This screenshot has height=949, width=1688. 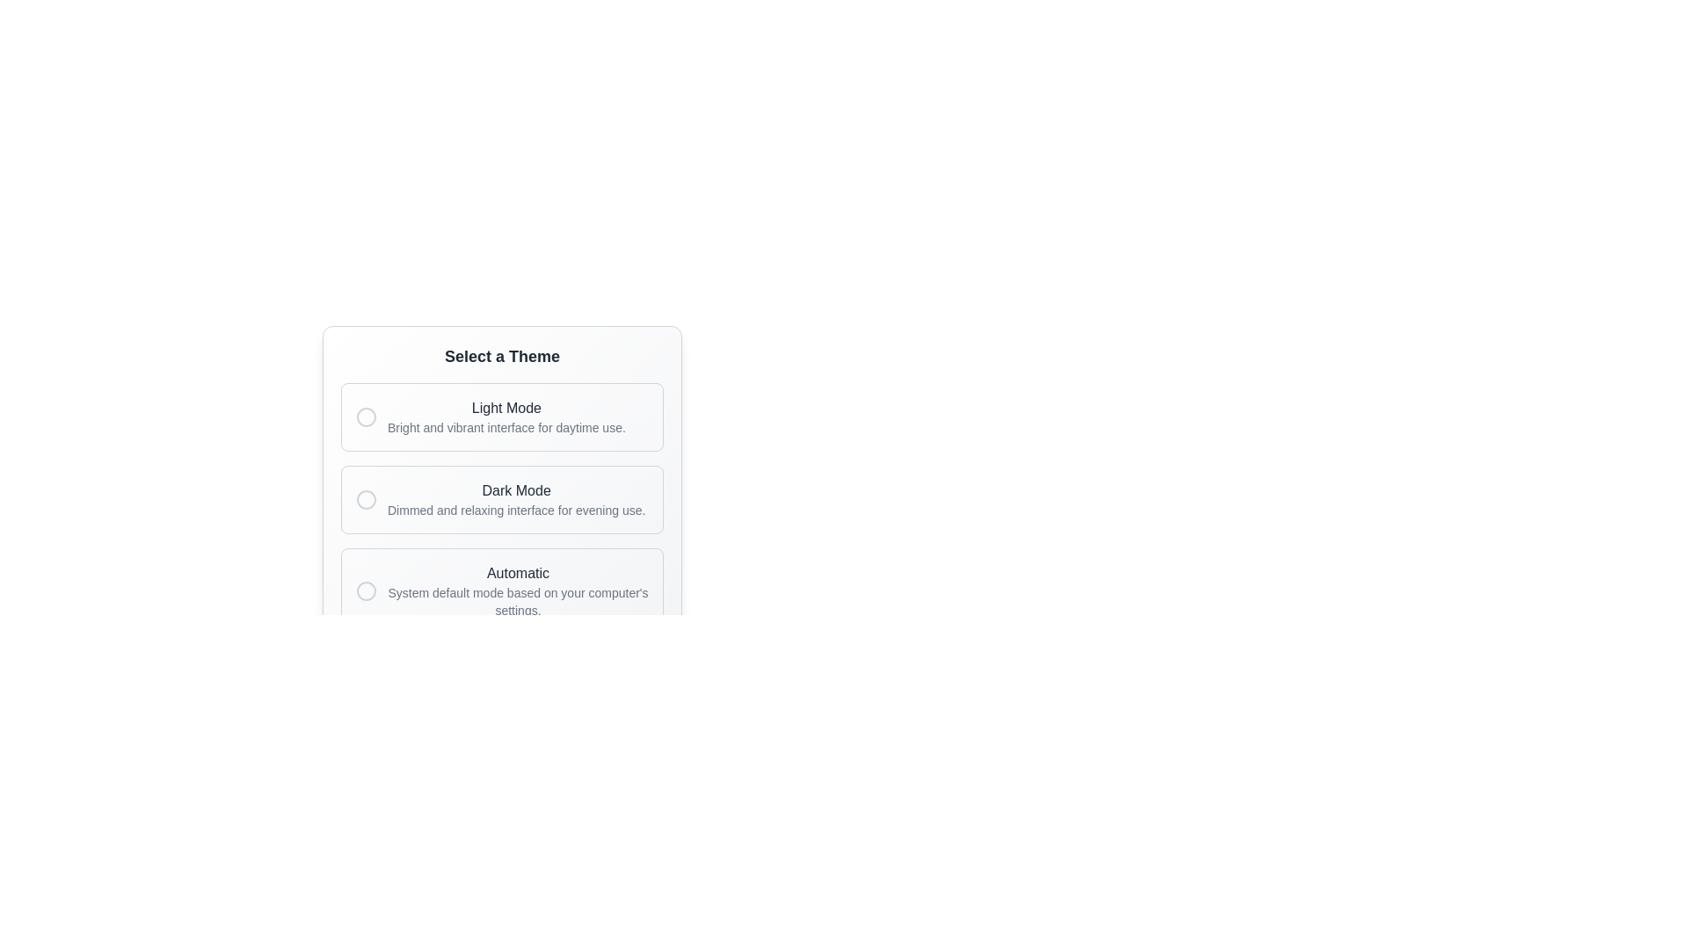 What do you see at coordinates (515, 511) in the screenshot?
I see `the descriptive caption text label that provides additional information about the 'Dark Mode' option, located directly under the 'Dark Mode' text` at bounding box center [515, 511].